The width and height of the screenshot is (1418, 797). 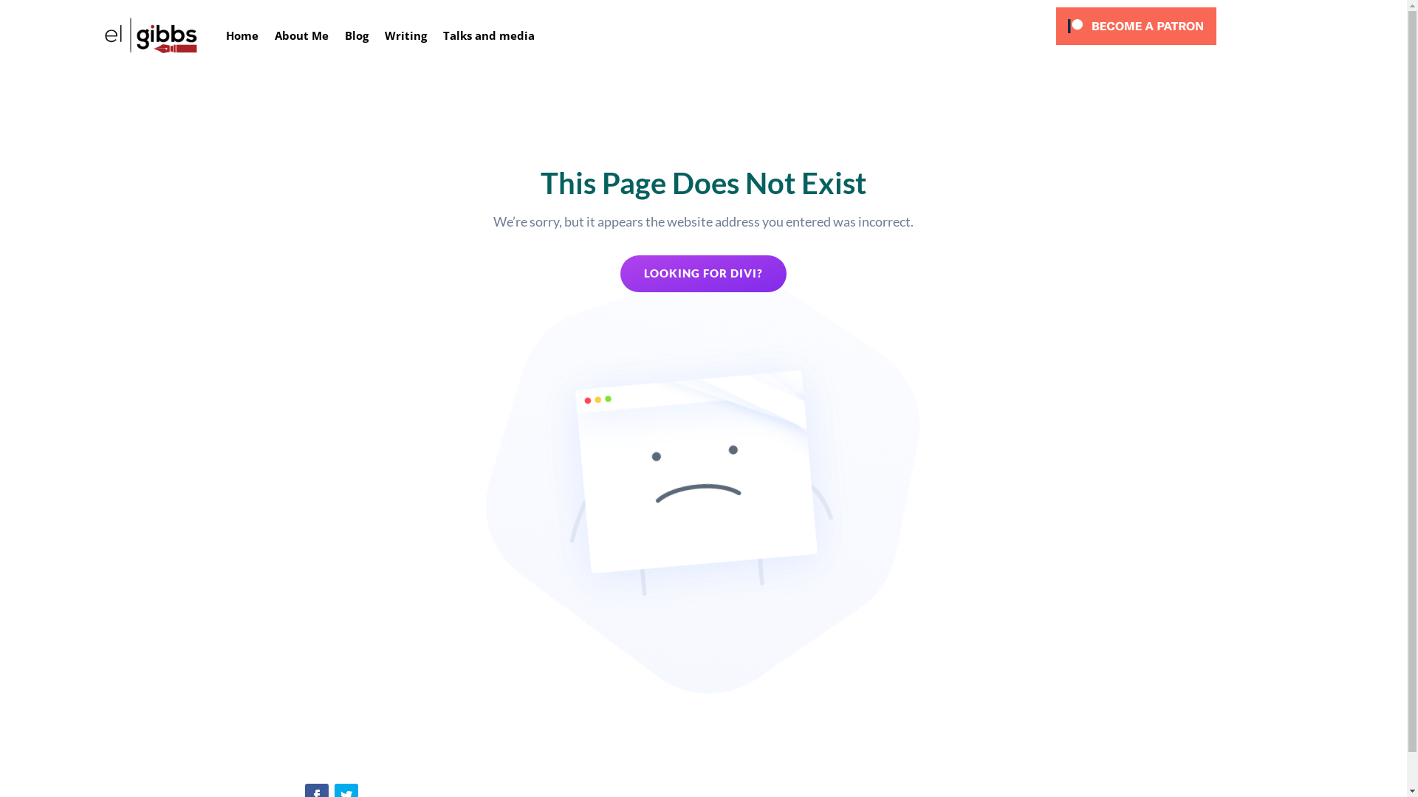 What do you see at coordinates (357, 34) in the screenshot?
I see `'Blog'` at bounding box center [357, 34].